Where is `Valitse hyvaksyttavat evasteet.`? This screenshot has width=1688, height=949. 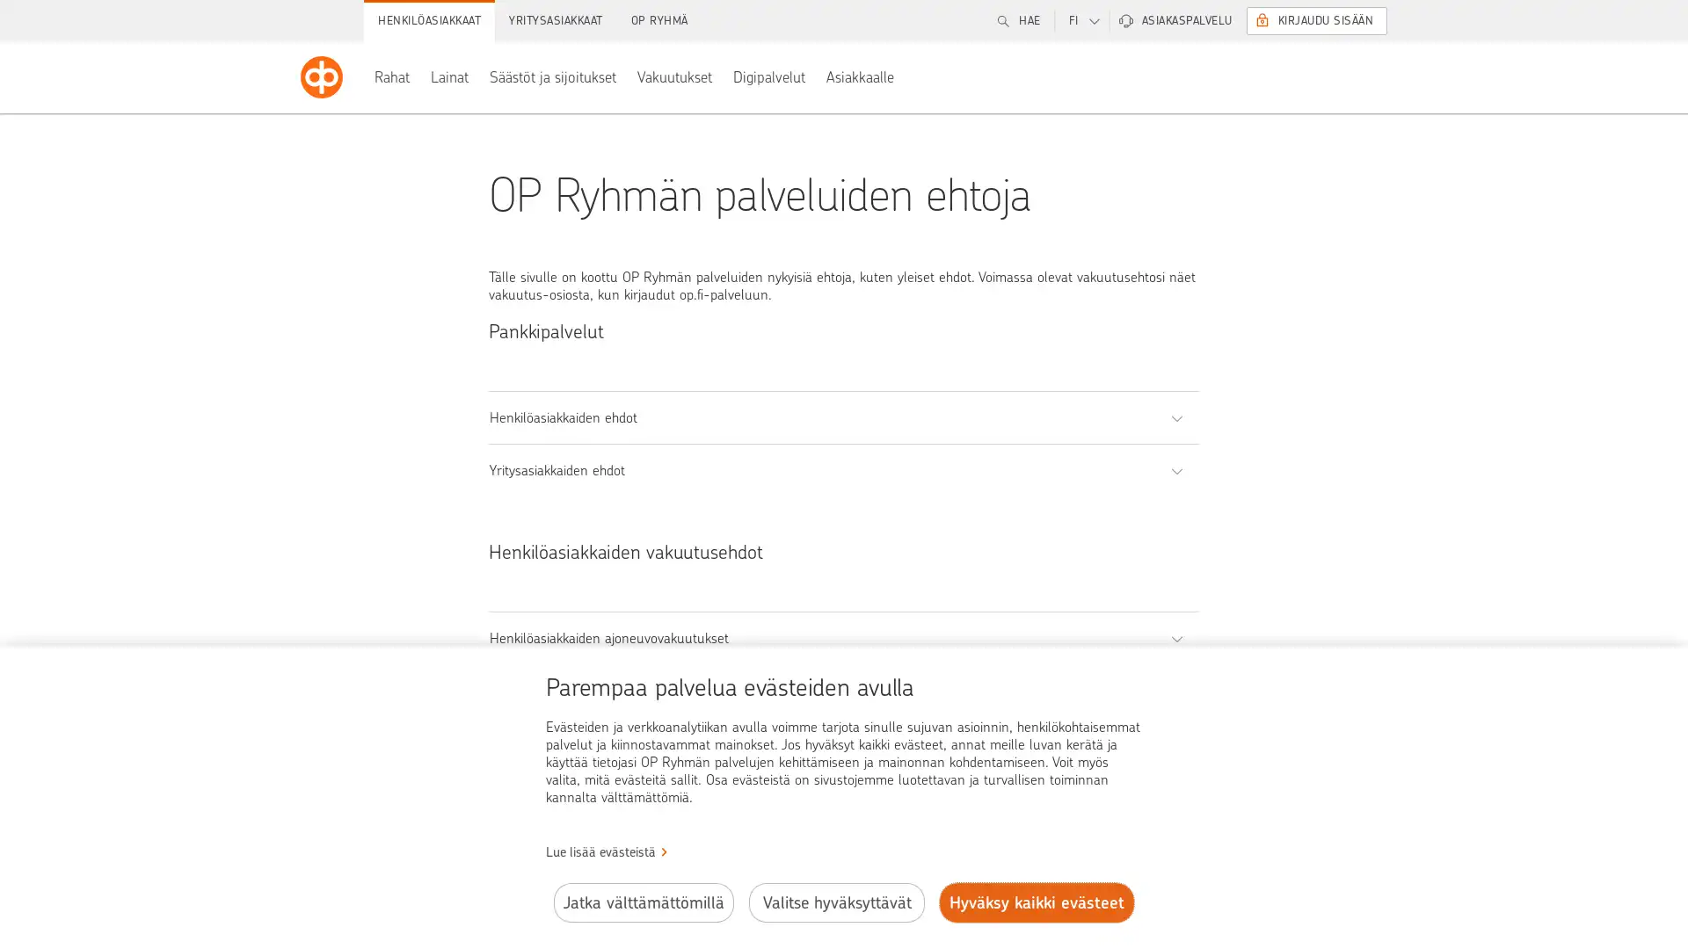
Valitse hyvaksyttavat evasteet. is located at coordinates (835, 902).